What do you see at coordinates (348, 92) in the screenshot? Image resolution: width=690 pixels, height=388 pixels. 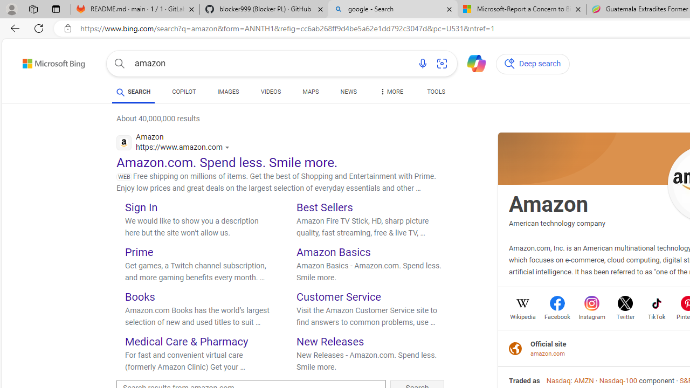 I see `'NEWS'` at bounding box center [348, 92].